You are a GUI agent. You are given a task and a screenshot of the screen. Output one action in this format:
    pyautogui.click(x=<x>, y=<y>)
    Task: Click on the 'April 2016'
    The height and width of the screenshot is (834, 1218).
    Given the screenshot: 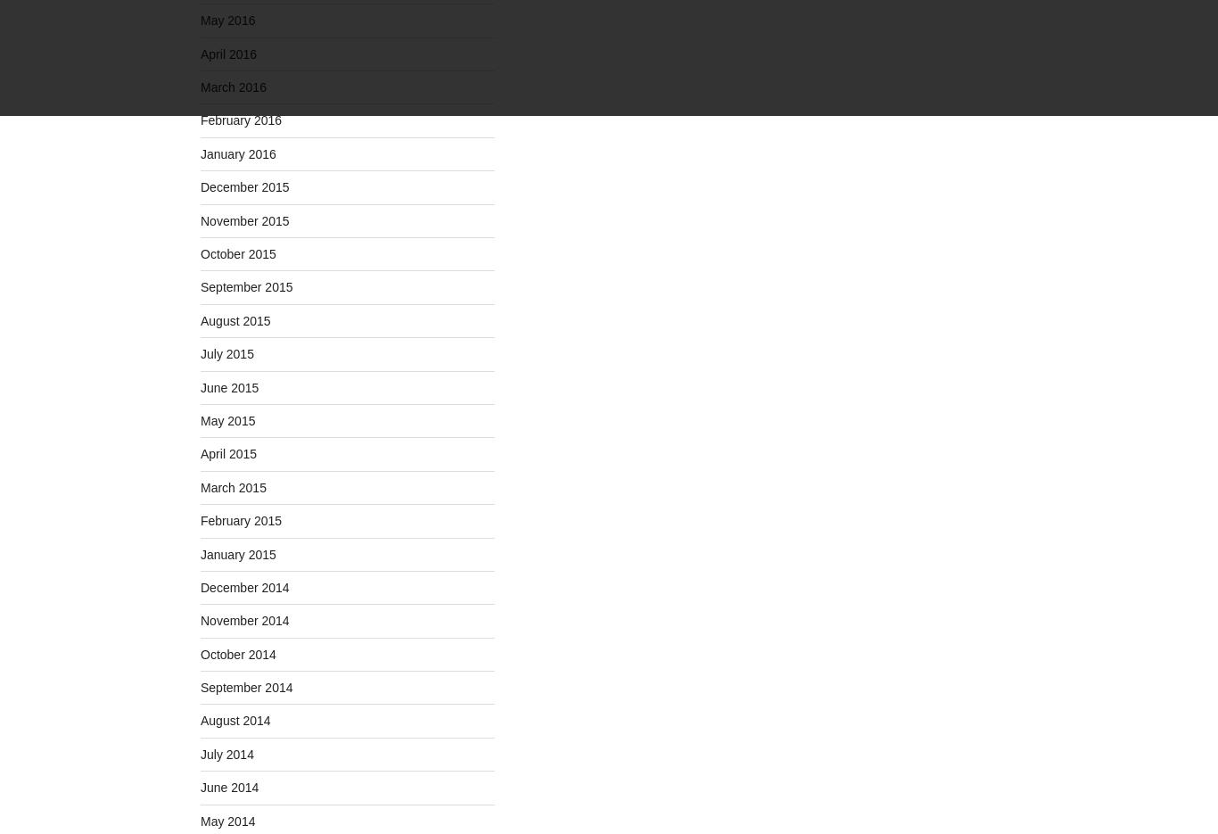 What is the action you would take?
    pyautogui.click(x=228, y=54)
    